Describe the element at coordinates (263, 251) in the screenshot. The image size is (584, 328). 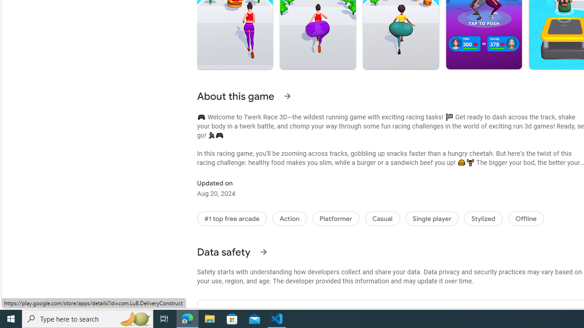
I see `'See more information on Data safety'` at that location.